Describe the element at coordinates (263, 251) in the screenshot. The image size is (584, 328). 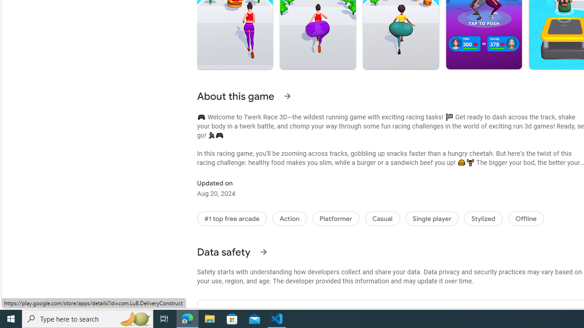
I see `'See more information on Data safety'` at that location.